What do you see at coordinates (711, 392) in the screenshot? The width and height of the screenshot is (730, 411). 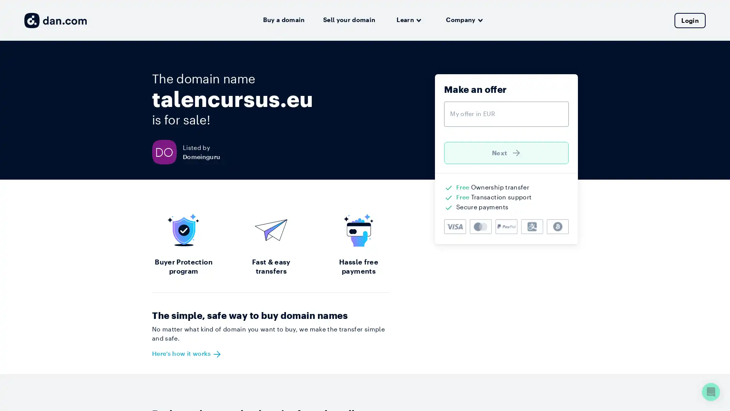 I see `Open Intercom Messenger` at bounding box center [711, 392].